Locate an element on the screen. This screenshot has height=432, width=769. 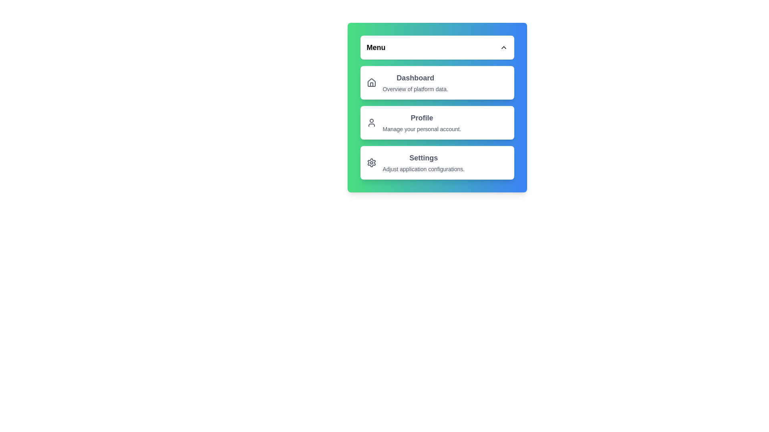
the menu item Profile is located at coordinates (437, 123).